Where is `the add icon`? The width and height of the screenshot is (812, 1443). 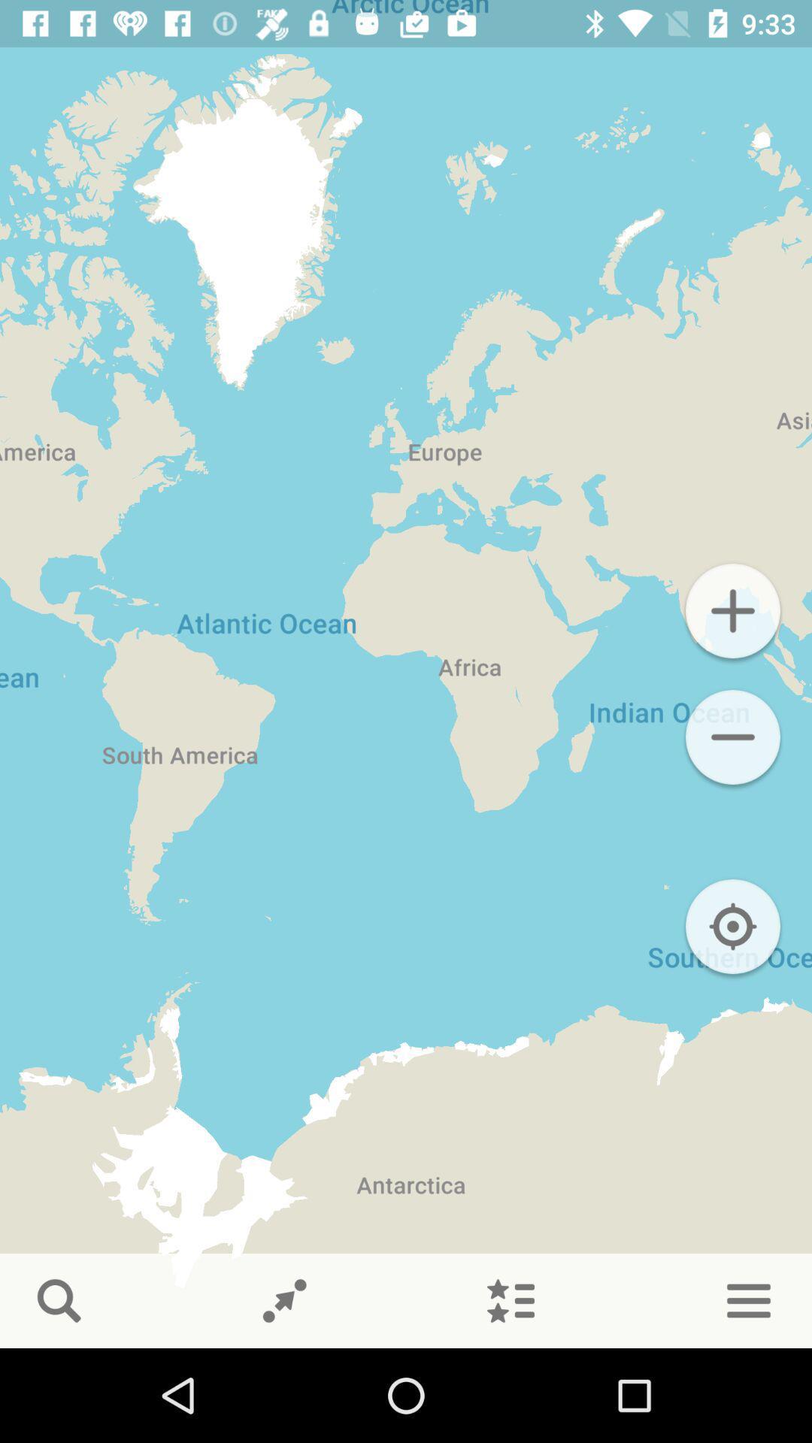
the add icon is located at coordinates (732, 610).